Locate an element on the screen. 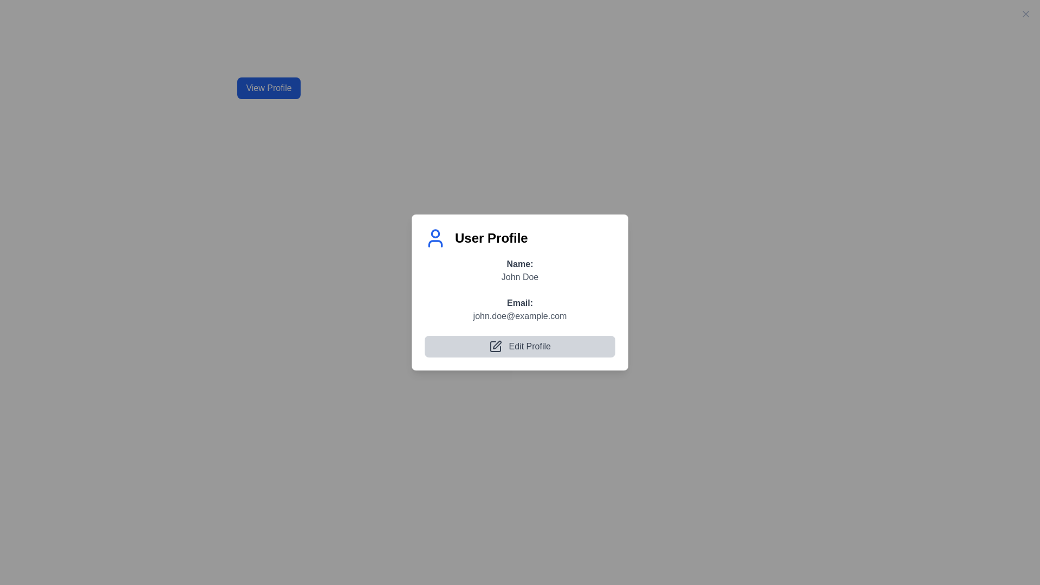  the vector graphical shape that is part of the pen icon located directly to the left of the 'Edit Profile' button is located at coordinates (495, 347).